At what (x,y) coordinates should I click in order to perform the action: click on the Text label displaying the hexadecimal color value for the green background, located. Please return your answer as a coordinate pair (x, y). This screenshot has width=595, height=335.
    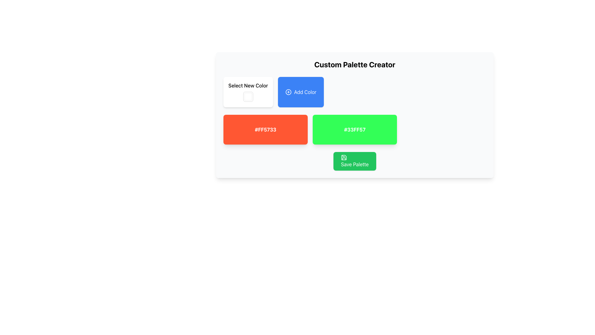
    Looking at the image, I should click on (355, 129).